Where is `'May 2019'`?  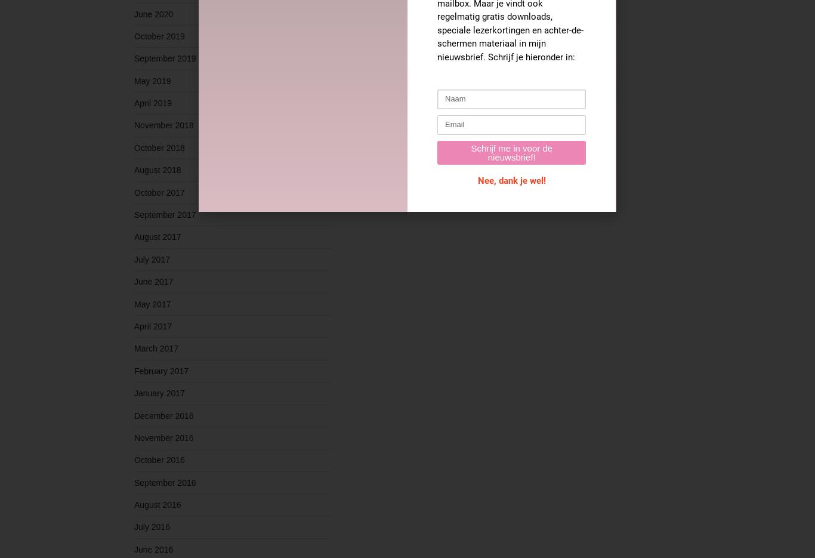 'May 2019' is located at coordinates (152, 81).